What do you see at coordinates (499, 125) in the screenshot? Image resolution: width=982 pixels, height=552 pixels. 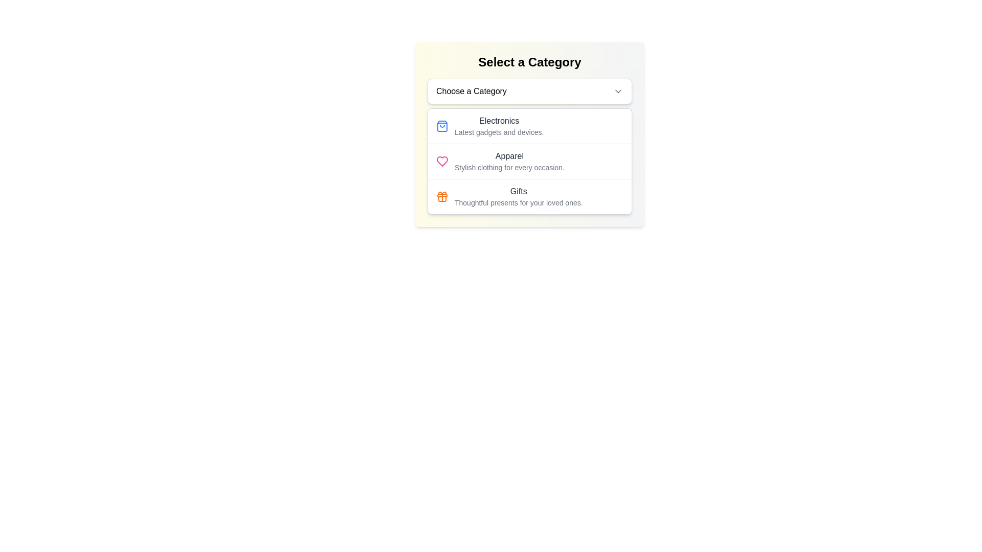 I see `the 'Electronics' text label, which has a bold title and a subtitle describing 'Latest gadgets and devices.' This element is the first item in the list beneath the 'Choose a Category' dropdown selector, located in the left section of a horizontal list item` at bounding box center [499, 125].